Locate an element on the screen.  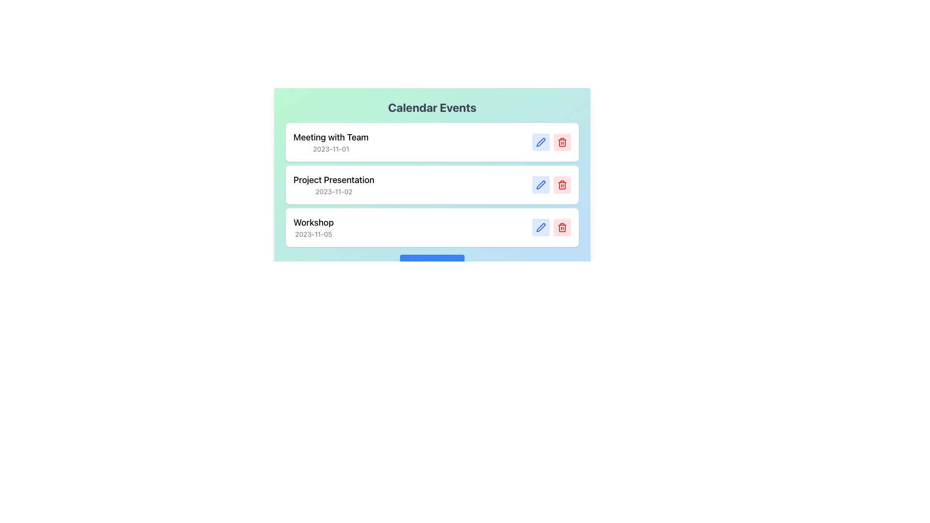
event title 'Workshop' and date '2023-11-05' from the calendar event entry, which is the third item in the list, displayed with a bold title and a smaller gray subtitle is located at coordinates (432, 228).